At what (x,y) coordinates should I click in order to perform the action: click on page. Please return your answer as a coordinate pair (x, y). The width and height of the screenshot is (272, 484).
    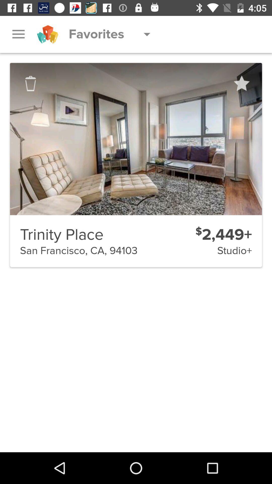
    Looking at the image, I should click on (241, 83).